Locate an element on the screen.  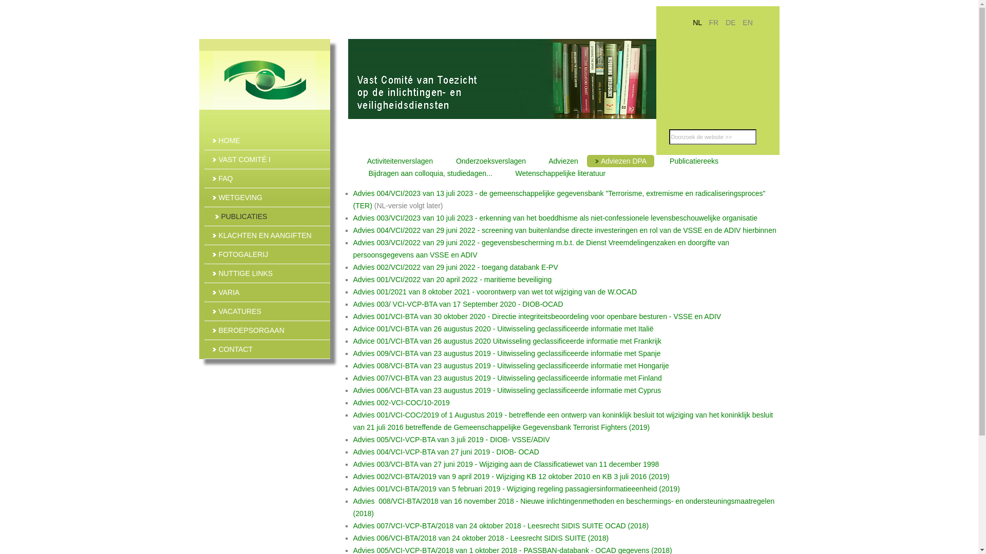
'Activiteitenverslagen' is located at coordinates (396, 161).